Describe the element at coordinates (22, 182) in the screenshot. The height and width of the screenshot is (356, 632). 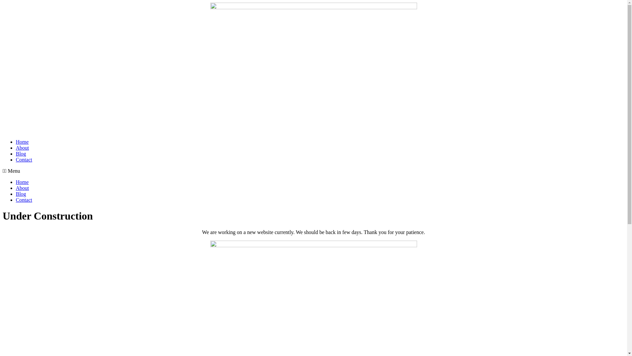
I see `'Home'` at that location.